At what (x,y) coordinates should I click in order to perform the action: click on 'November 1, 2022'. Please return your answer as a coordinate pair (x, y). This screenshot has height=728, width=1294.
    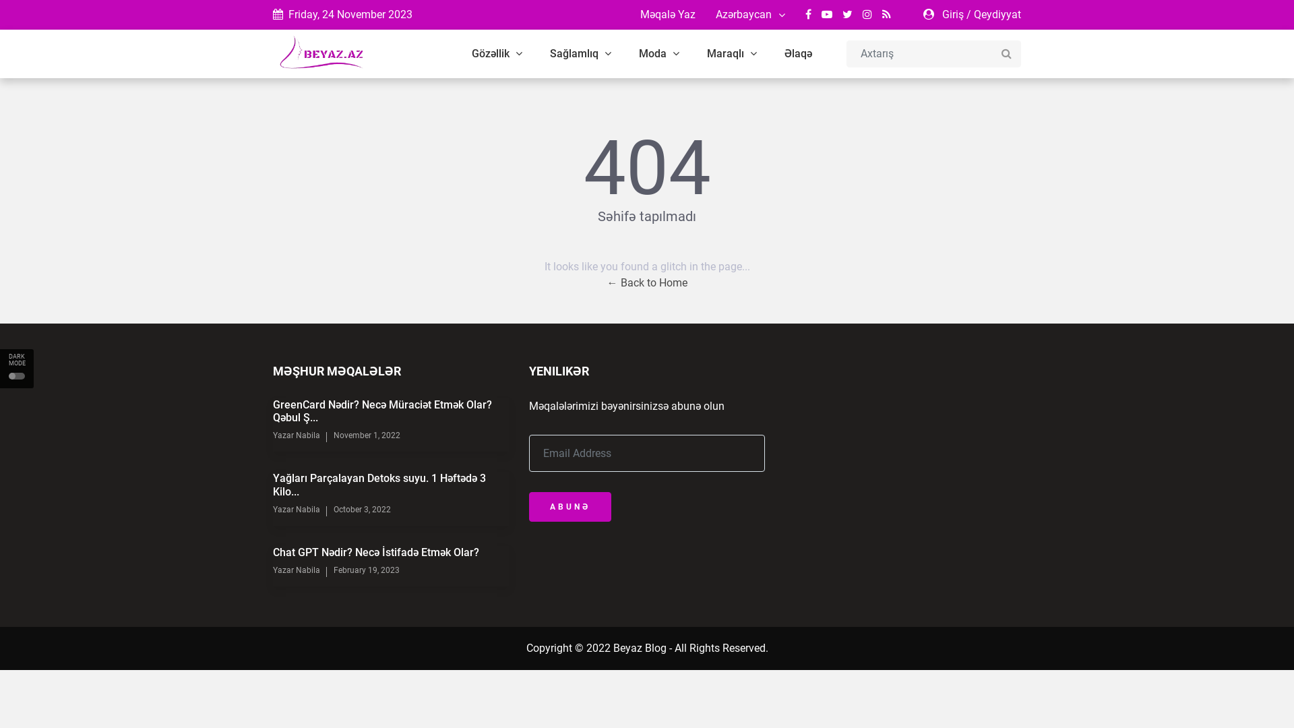
    Looking at the image, I should click on (367, 435).